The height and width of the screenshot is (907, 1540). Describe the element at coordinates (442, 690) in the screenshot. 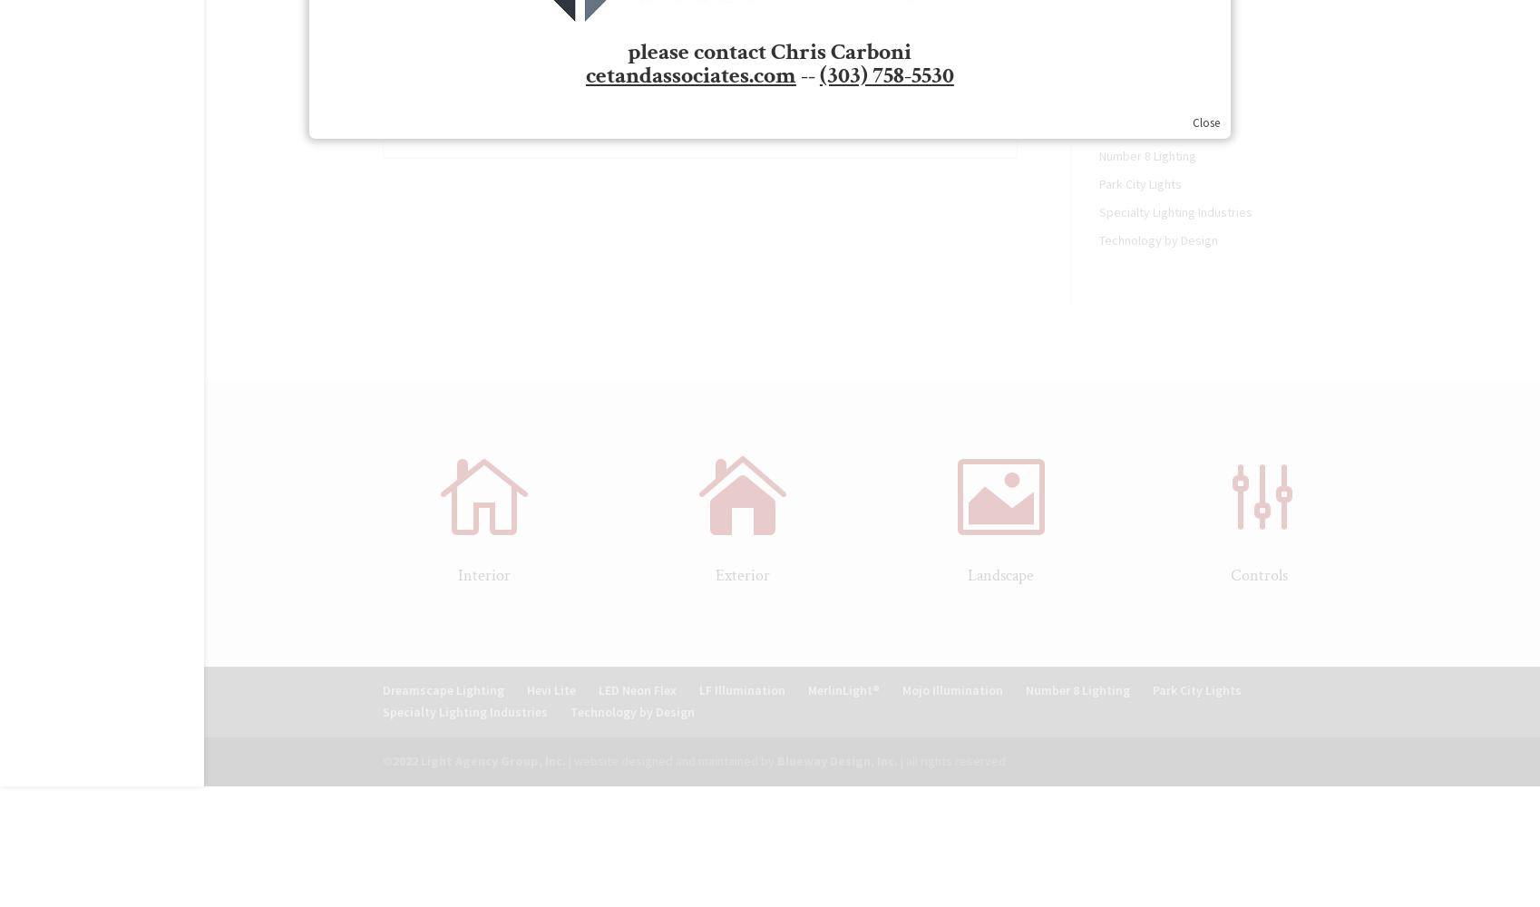

I see `'Dreamscape Lighting'` at that location.